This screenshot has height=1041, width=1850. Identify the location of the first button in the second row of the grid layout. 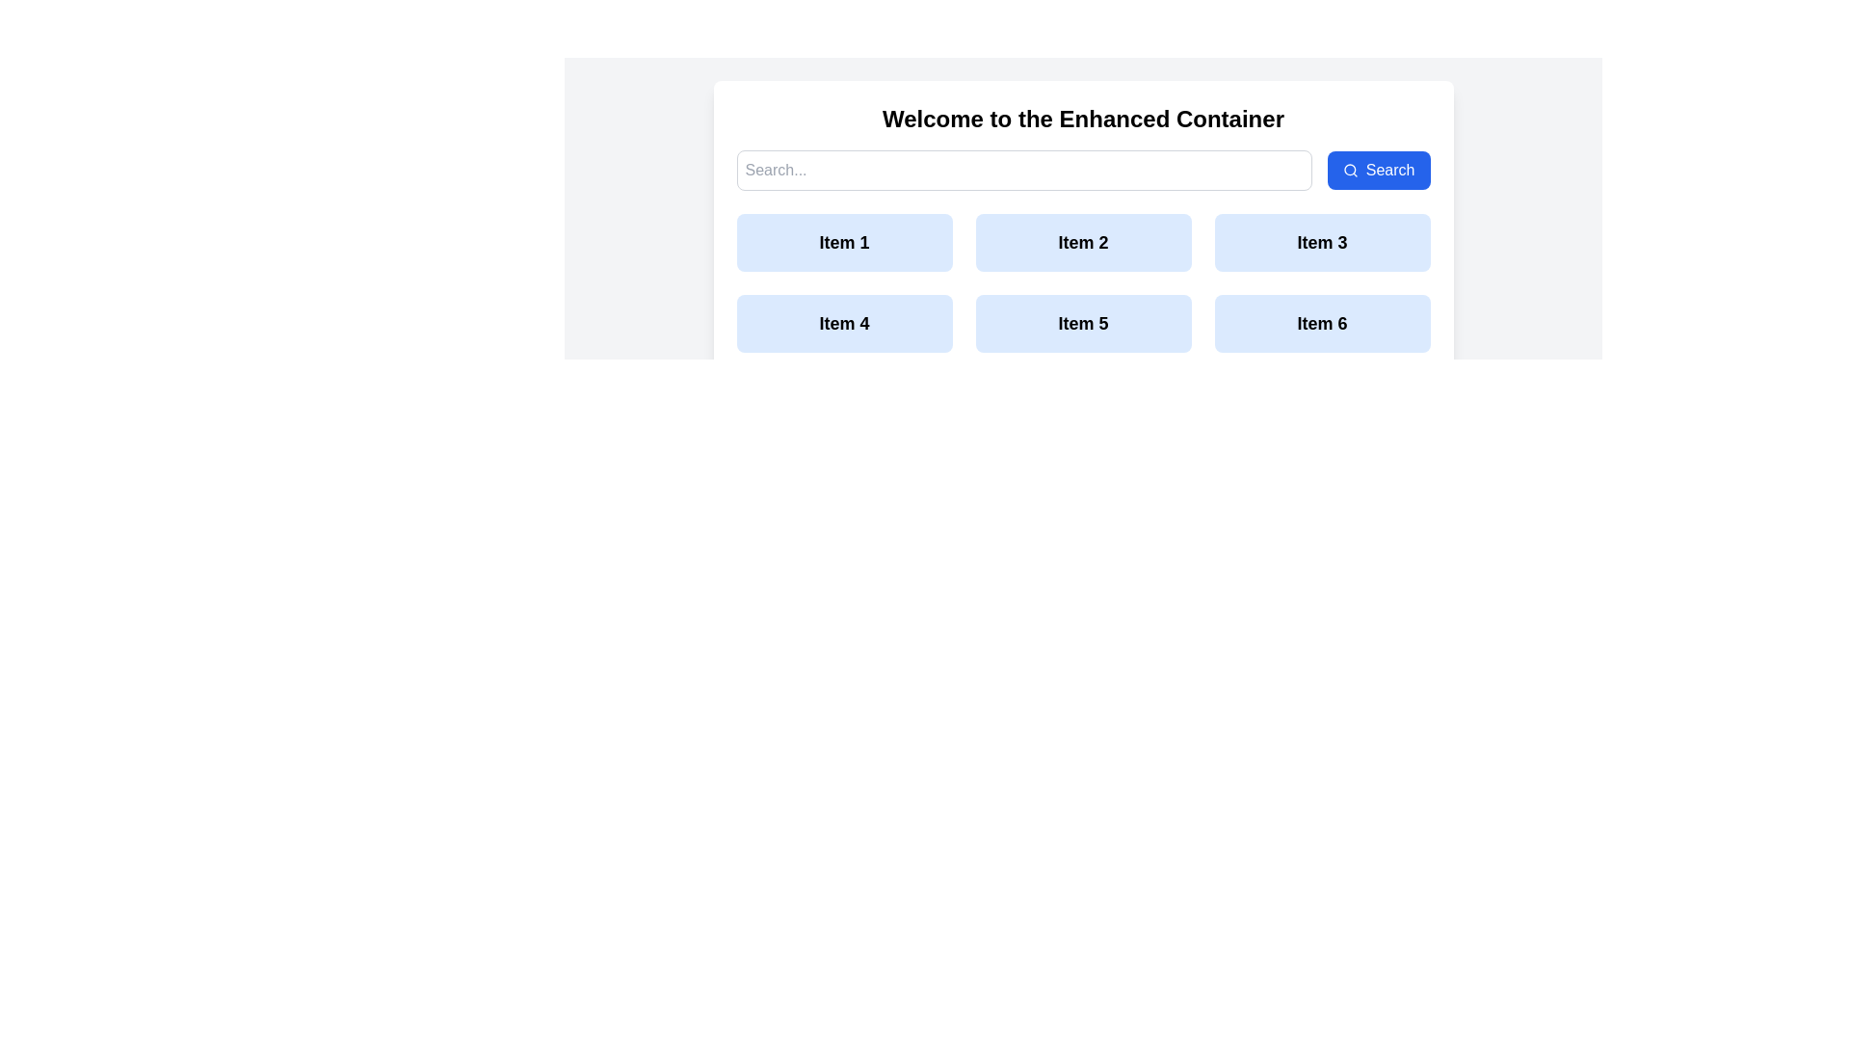
(844, 322).